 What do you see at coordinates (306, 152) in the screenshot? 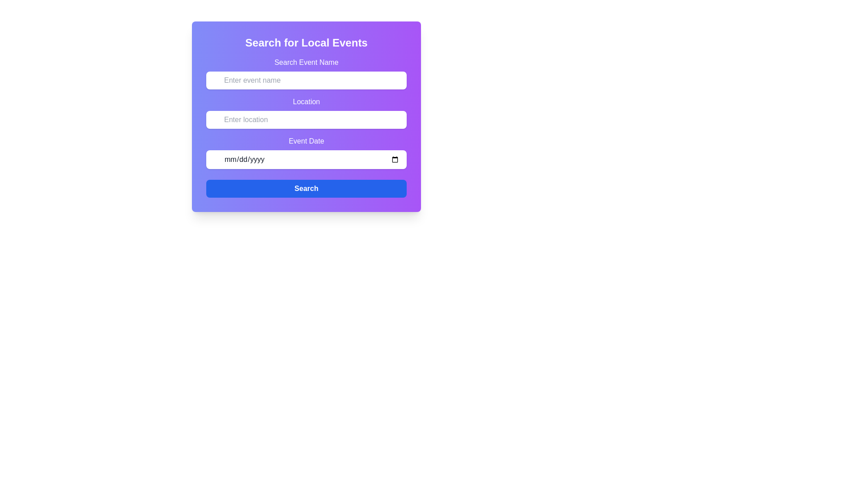
I see `the calendar icon in the third input field of the 'Search for Local Events' section` at bounding box center [306, 152].